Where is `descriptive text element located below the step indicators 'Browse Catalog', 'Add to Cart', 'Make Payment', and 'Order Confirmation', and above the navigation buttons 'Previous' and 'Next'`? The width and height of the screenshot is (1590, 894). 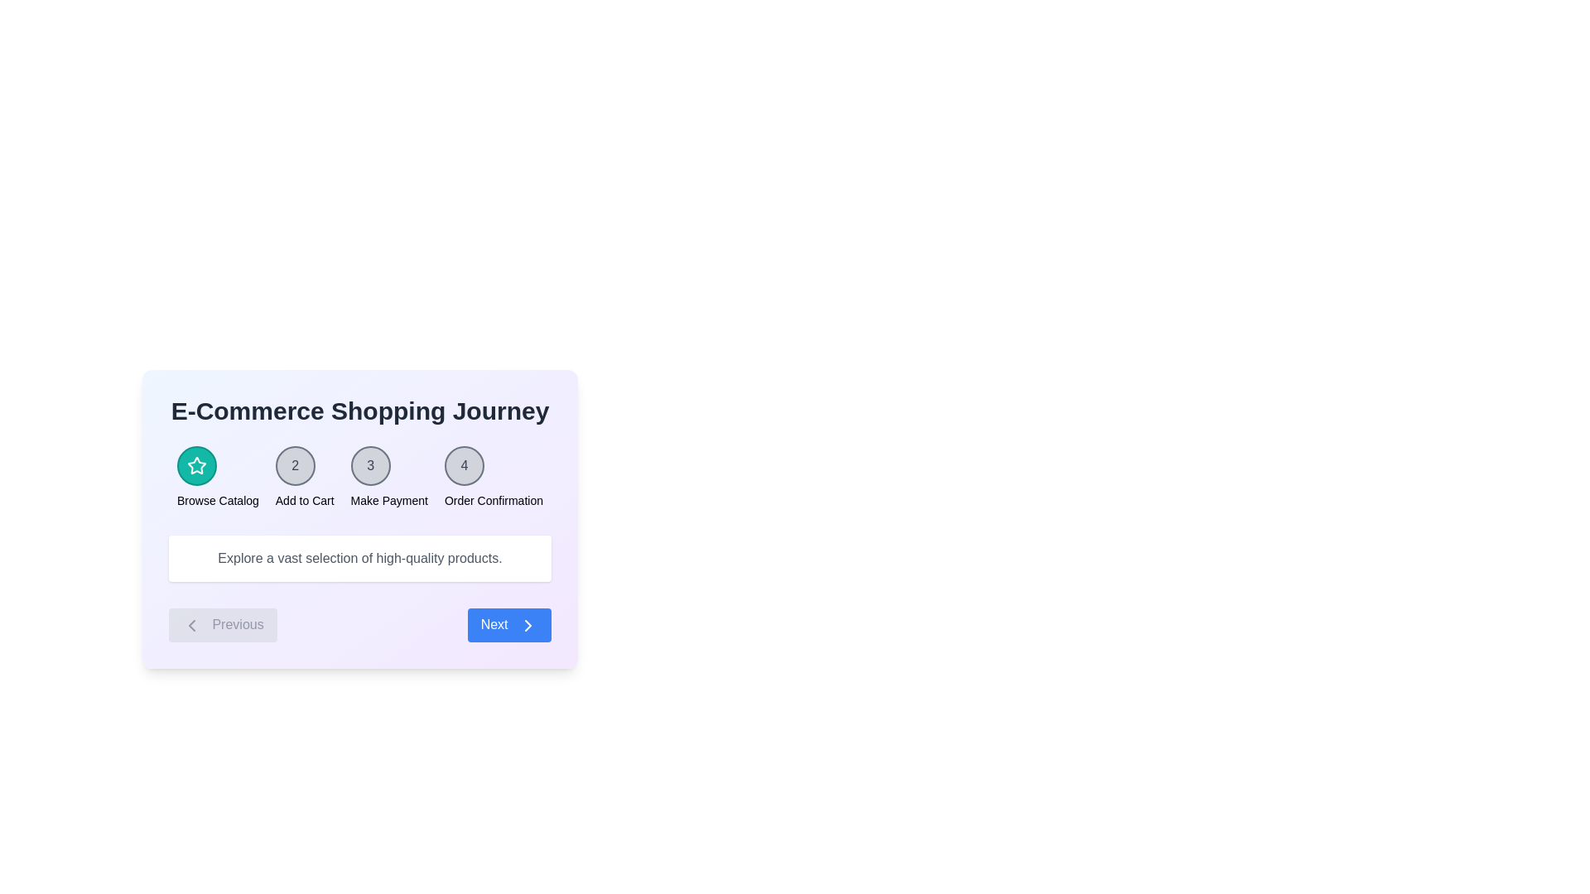
descriptive text element located below the step indicators 'Browse Catalog', 'Add to Cart', 'Make Payment', and 'Order Confirmation', and above the navigation buttons 'Previous' and 'Next' is located at coordinates (359, 559).